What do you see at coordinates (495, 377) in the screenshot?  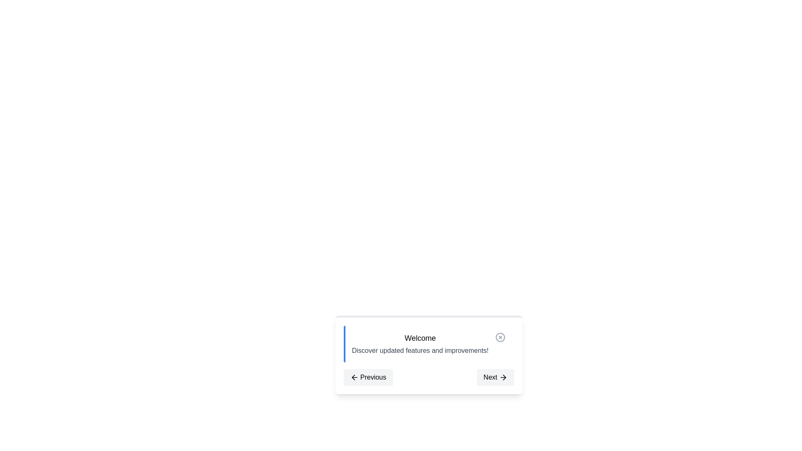 I see `the second button located in the lower part of the card, to the right of the 'Previous' button` at bounding box center [495, 377].